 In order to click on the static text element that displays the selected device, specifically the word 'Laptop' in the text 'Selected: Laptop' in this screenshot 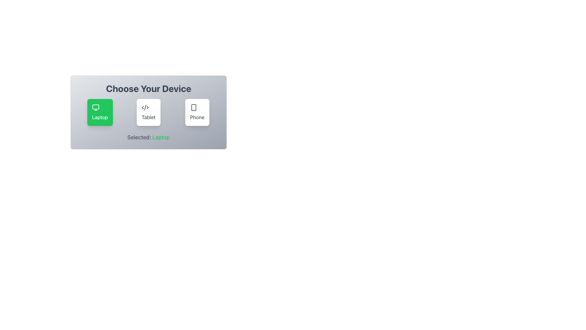, I will do `click(161, 137)`.